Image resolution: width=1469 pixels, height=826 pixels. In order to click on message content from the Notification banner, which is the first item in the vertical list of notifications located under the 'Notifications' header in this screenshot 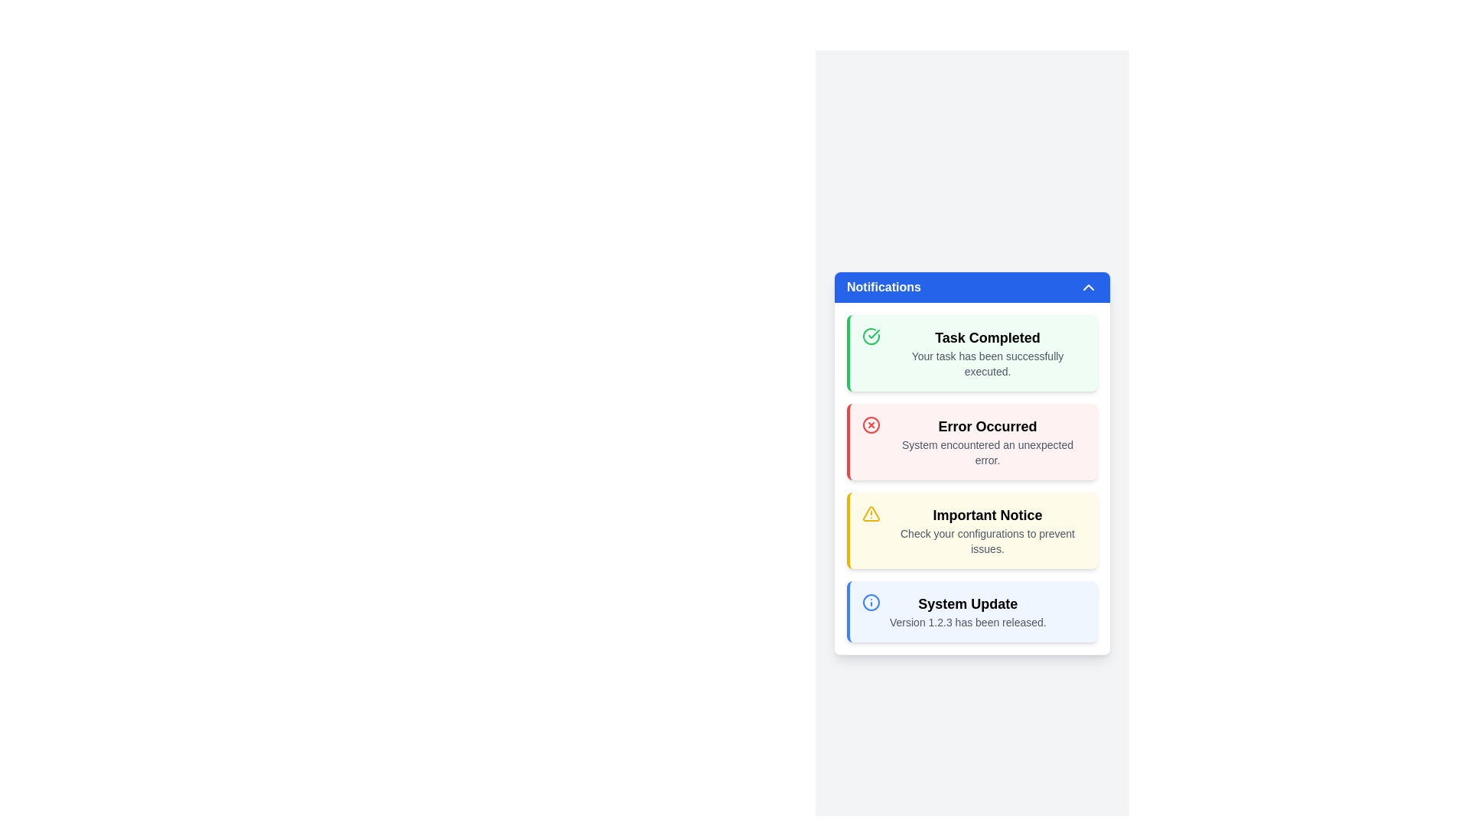, I will do `click(972, 353)`.